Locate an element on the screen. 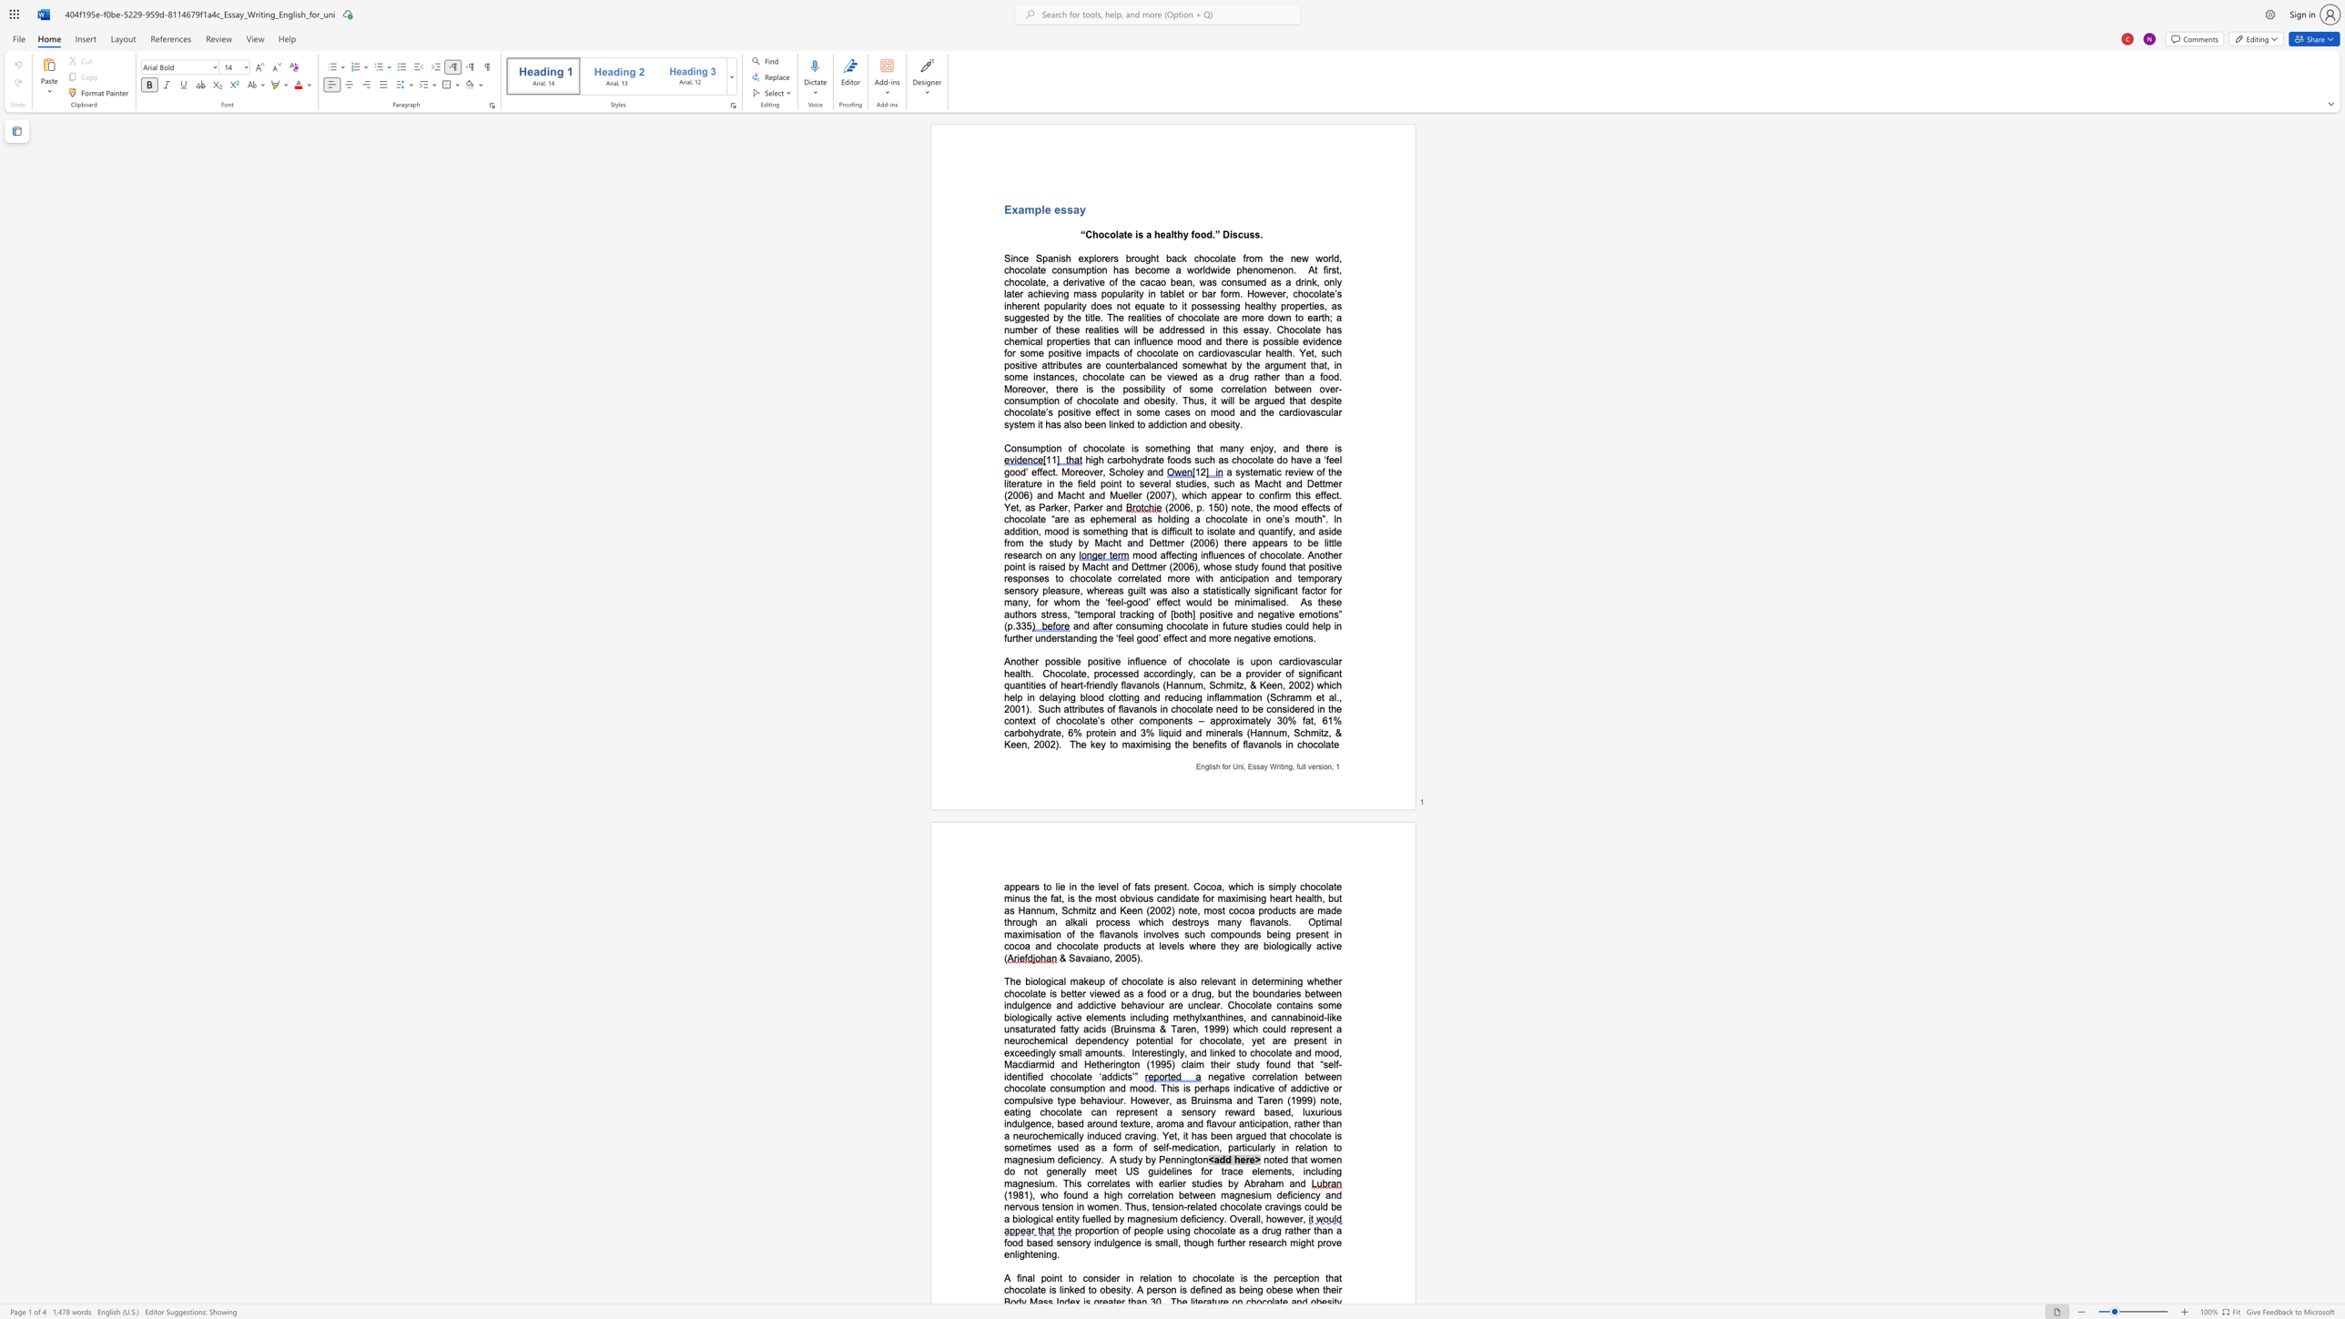 The height and width of the screenshot is (1319, 2345). the subset text "gnesium. This correlates with earlier" within the text "US guidelines for trace elements, including magnesium. This correlates with earlier studies by Abraham and" is located at coordinates (1018, 1182).